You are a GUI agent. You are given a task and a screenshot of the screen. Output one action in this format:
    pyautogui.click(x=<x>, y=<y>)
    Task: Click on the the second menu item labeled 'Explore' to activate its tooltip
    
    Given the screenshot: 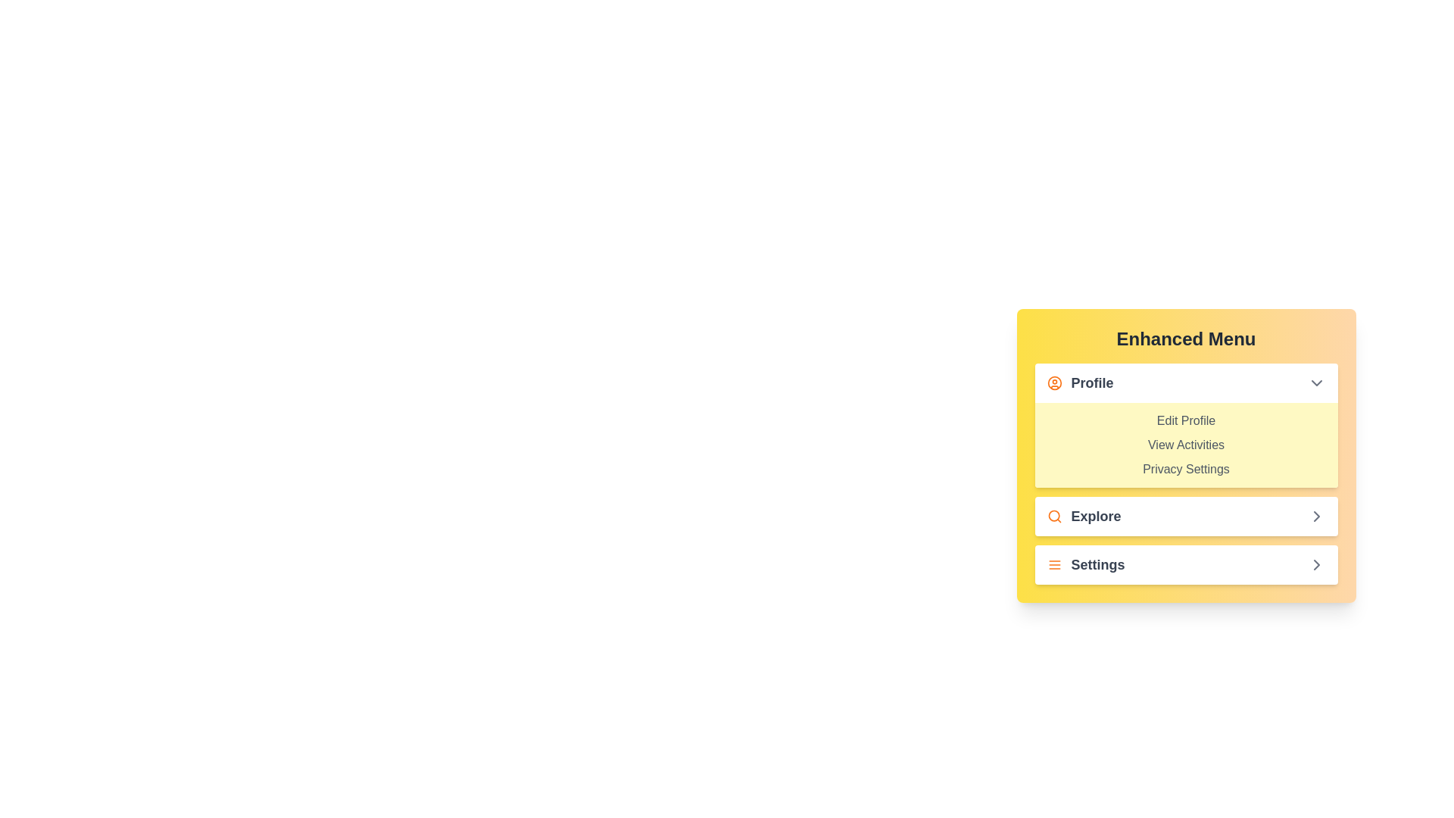 What is the action you would take?
    pyautogui.click(x=1185, y=516)
    